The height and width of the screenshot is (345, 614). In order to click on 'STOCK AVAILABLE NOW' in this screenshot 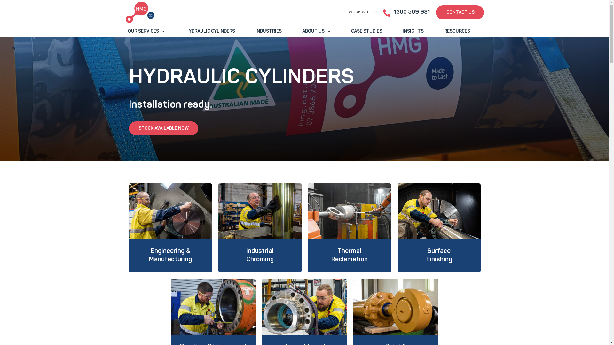, I will do `click(128, 128)`.